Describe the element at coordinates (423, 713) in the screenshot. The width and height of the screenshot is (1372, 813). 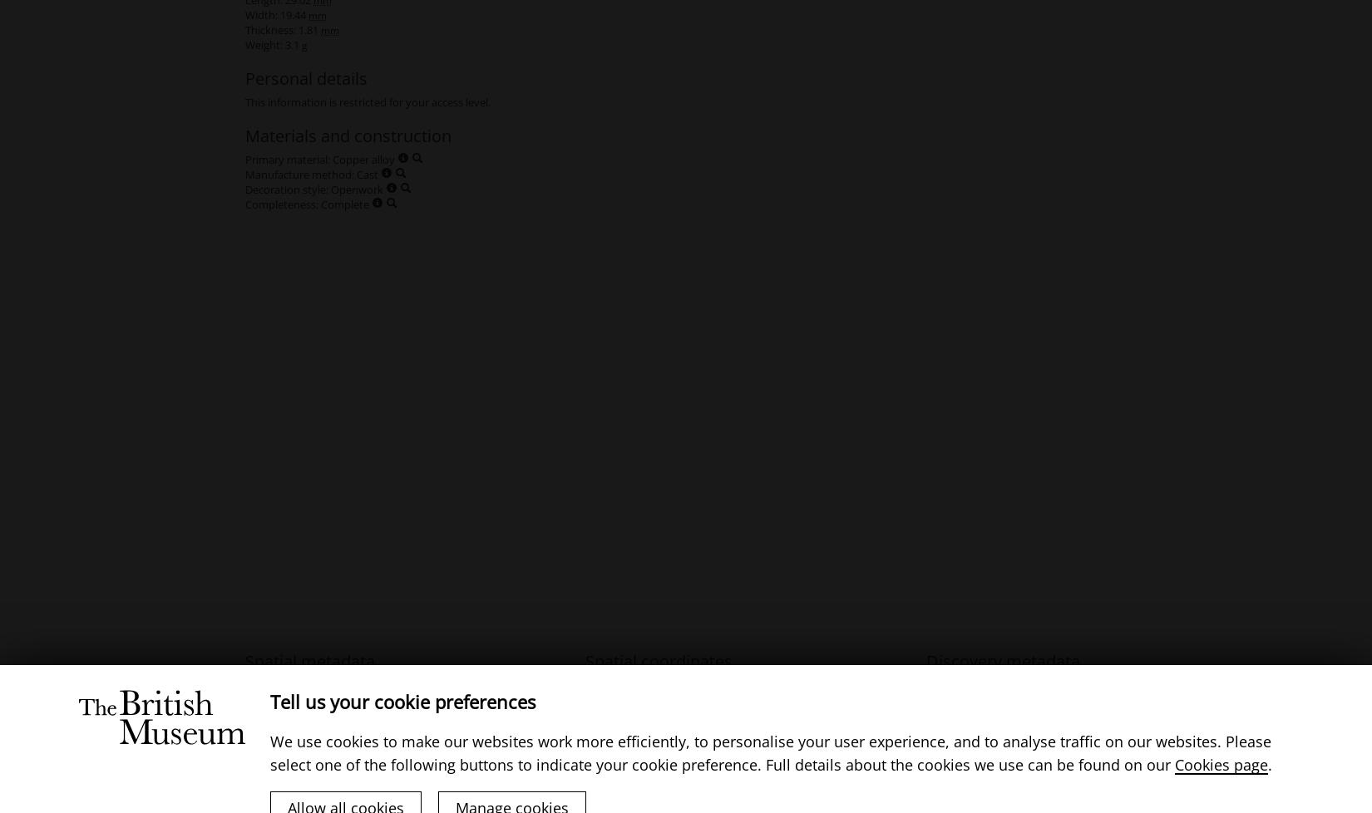
I see `'(District)'` at that location.